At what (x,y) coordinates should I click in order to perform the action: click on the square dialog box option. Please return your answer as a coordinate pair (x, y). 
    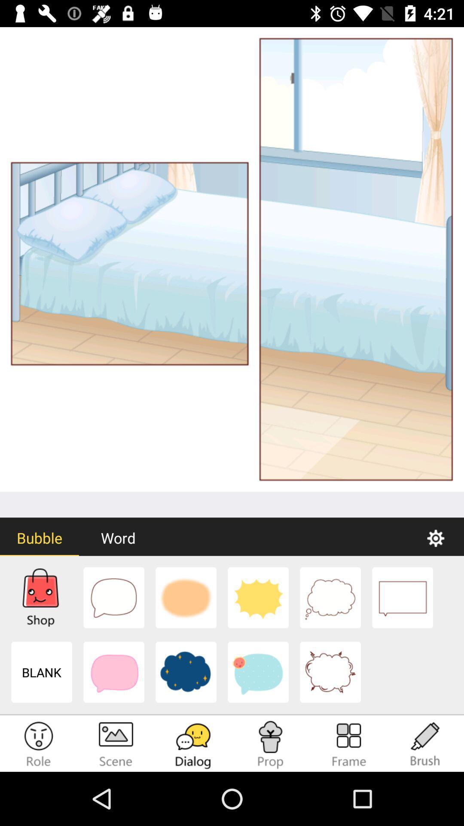
    Looking at the image, I should click on (403, 597).